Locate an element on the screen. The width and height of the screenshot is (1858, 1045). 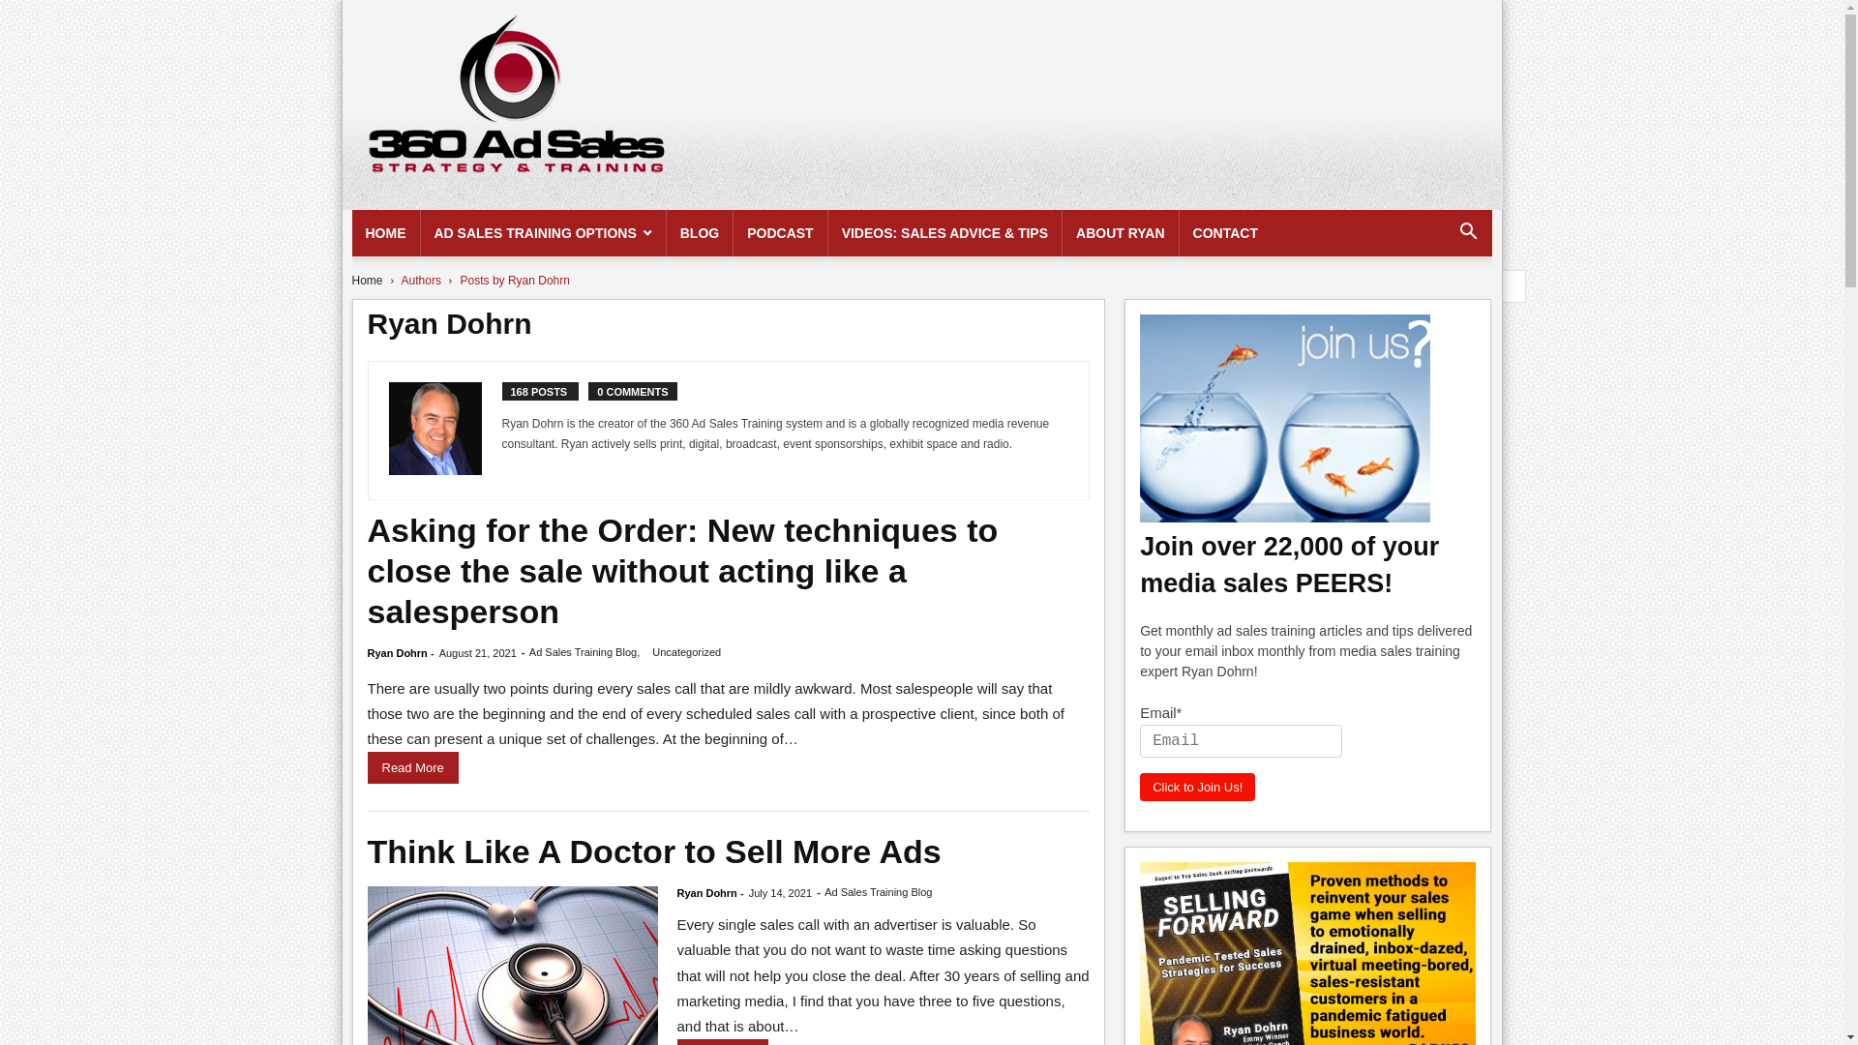
'CONTACT' is located at coordinates (1224, 231).